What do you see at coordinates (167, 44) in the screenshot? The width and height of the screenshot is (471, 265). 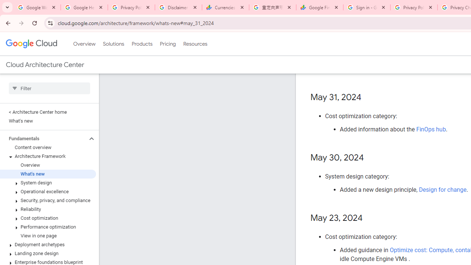 I see `'Pricing'` at bounding box center [167, 44].